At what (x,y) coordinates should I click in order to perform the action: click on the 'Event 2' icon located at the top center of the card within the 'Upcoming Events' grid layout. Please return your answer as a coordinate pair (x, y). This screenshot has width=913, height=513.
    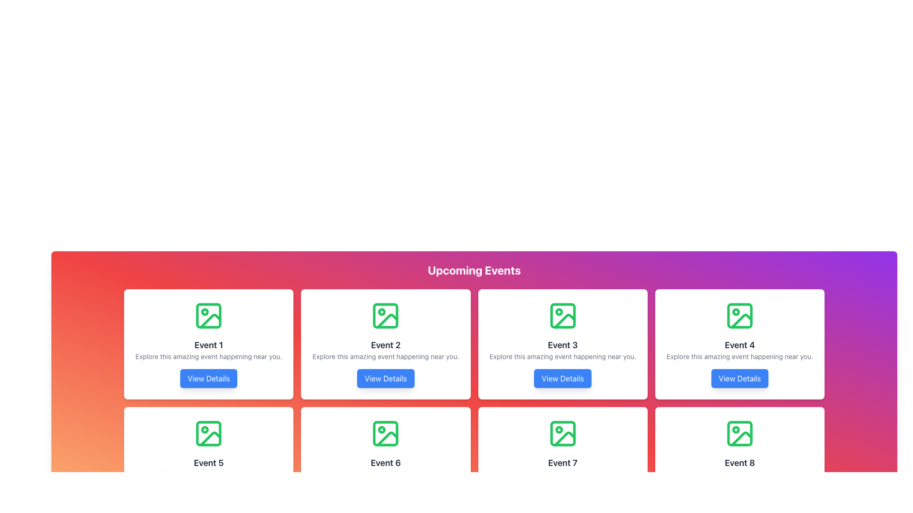
    Looking at the image, I should click on (386, 315).